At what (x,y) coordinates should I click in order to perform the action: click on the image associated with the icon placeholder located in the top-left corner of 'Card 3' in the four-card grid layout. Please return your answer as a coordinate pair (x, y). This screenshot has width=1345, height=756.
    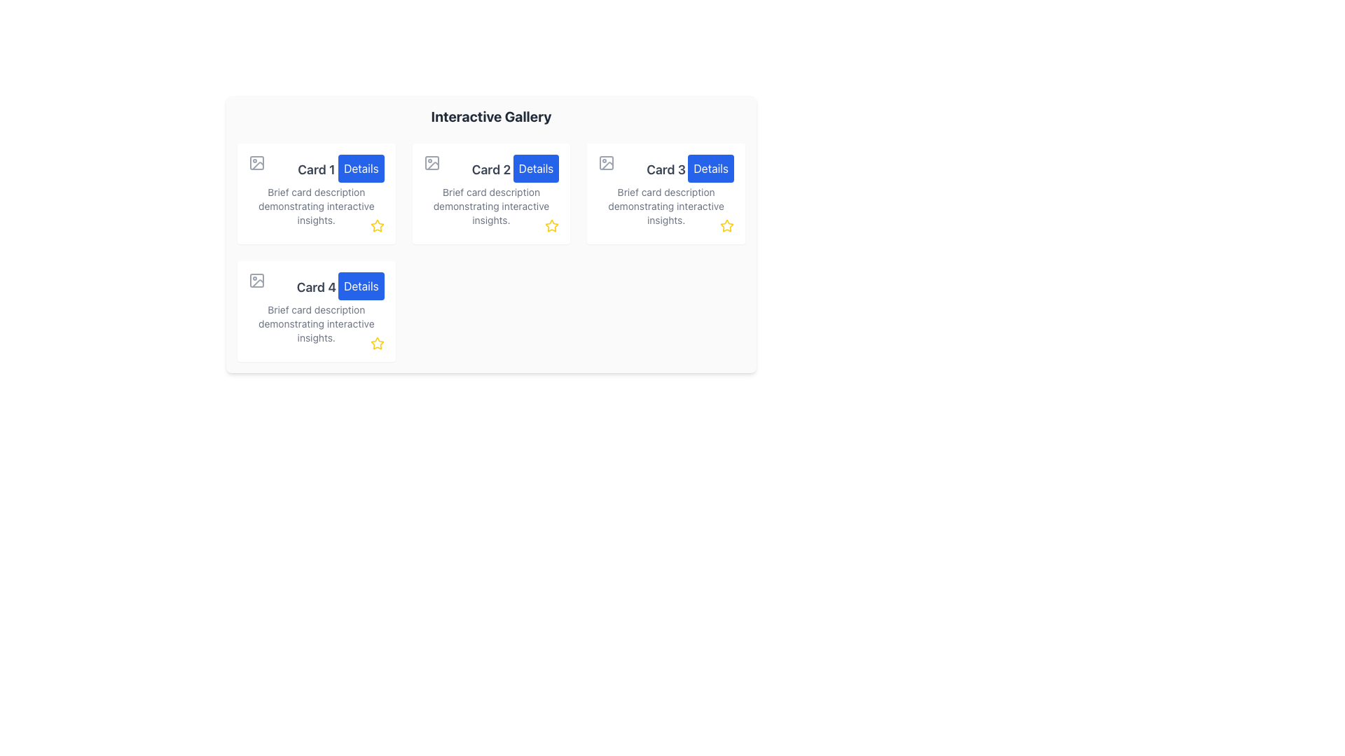
    Looking at the image, I should click on (606, 162).